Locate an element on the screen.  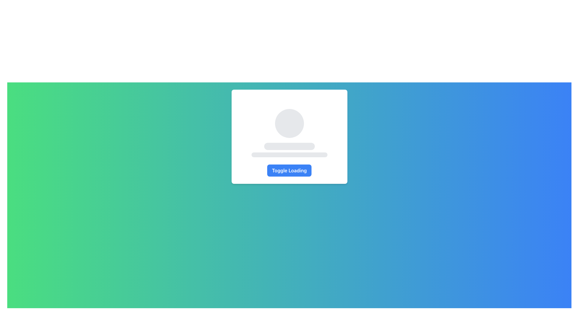
the 'Toggle Loading' button, which is a horizontally-aligned button with a blue background and white text, to change its background color is located at coordinates (289, 170).